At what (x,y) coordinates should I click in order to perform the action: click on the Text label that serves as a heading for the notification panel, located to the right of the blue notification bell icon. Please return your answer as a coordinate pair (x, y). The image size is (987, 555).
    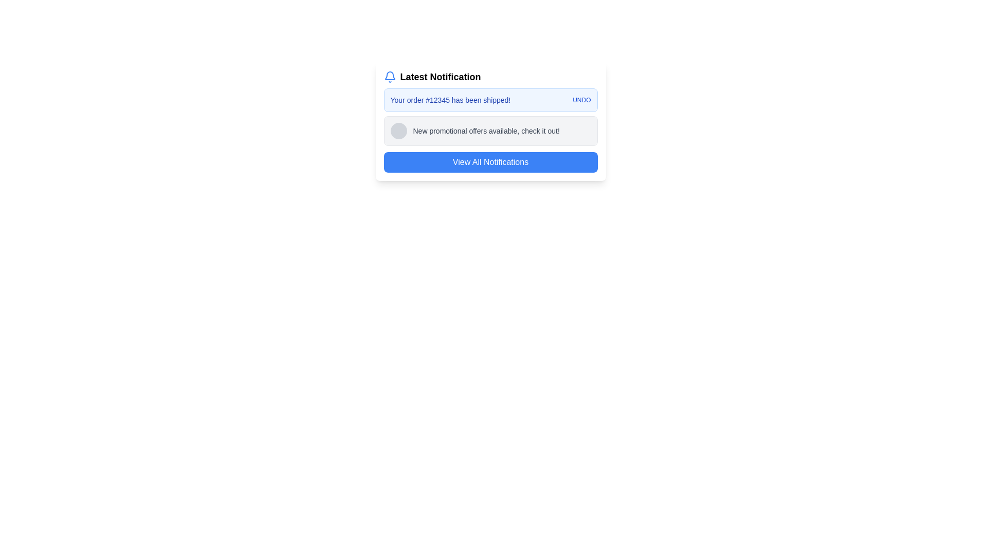
    Looking at the image, I should click on (441, 77).